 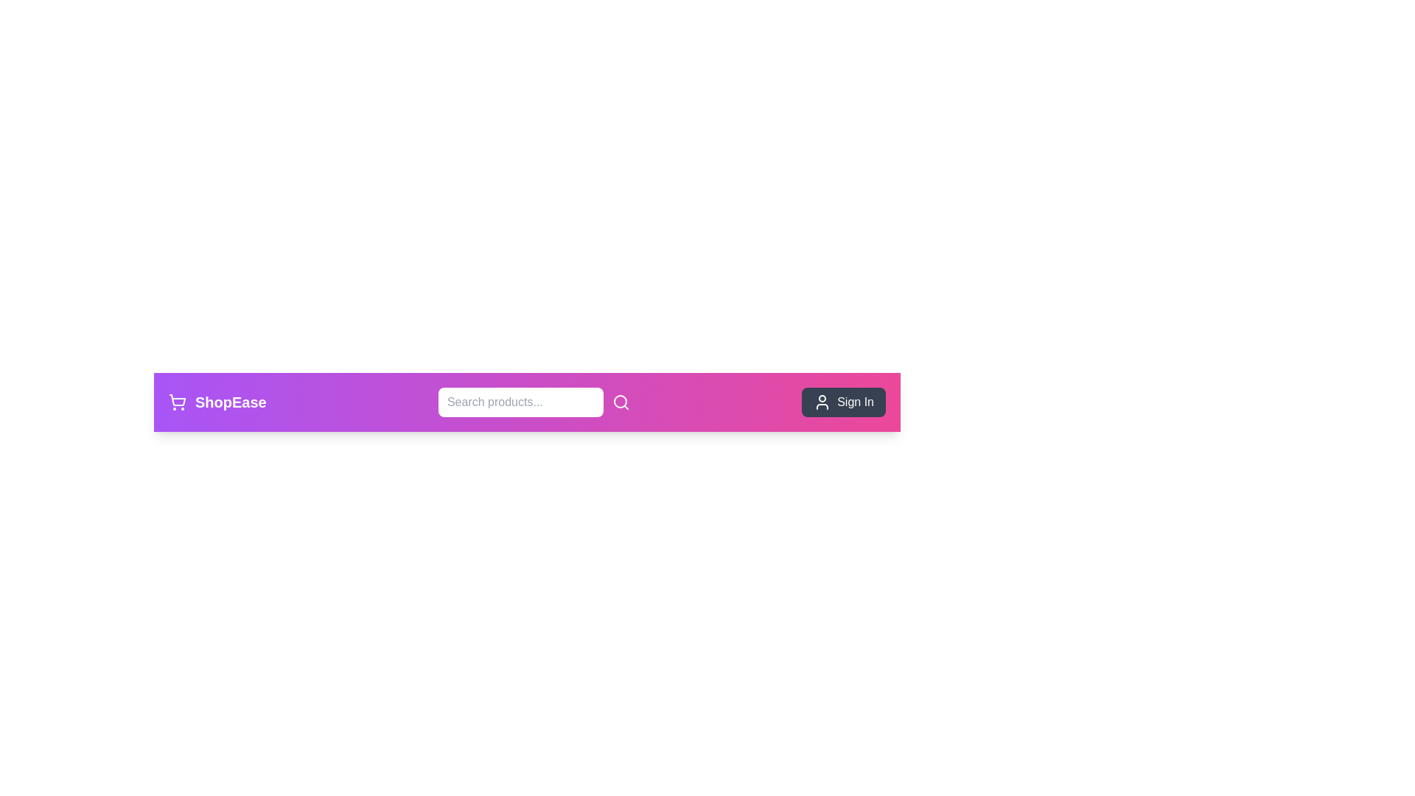 What do you see at coordinates (216, 402) in the screenshot?
I see `the 'ShopEase' logo or text to navigate to the homepage` at bounding box center [216, 402].